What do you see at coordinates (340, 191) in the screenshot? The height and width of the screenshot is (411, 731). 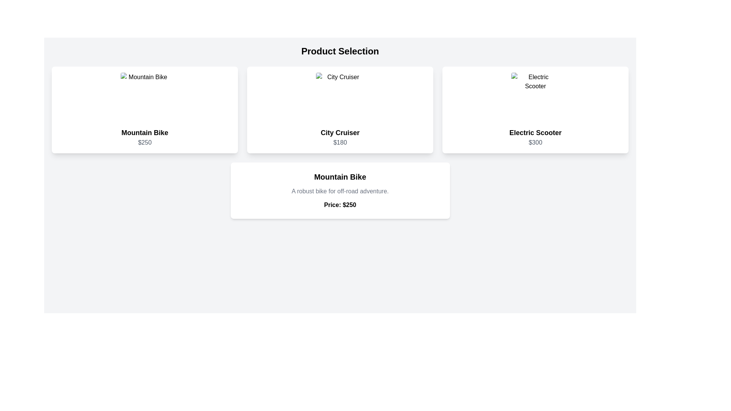 I see `the descriptive text label for the 'Mountain Bike' product, which is located below the title and above the price label` at bounding box center [340, 191].